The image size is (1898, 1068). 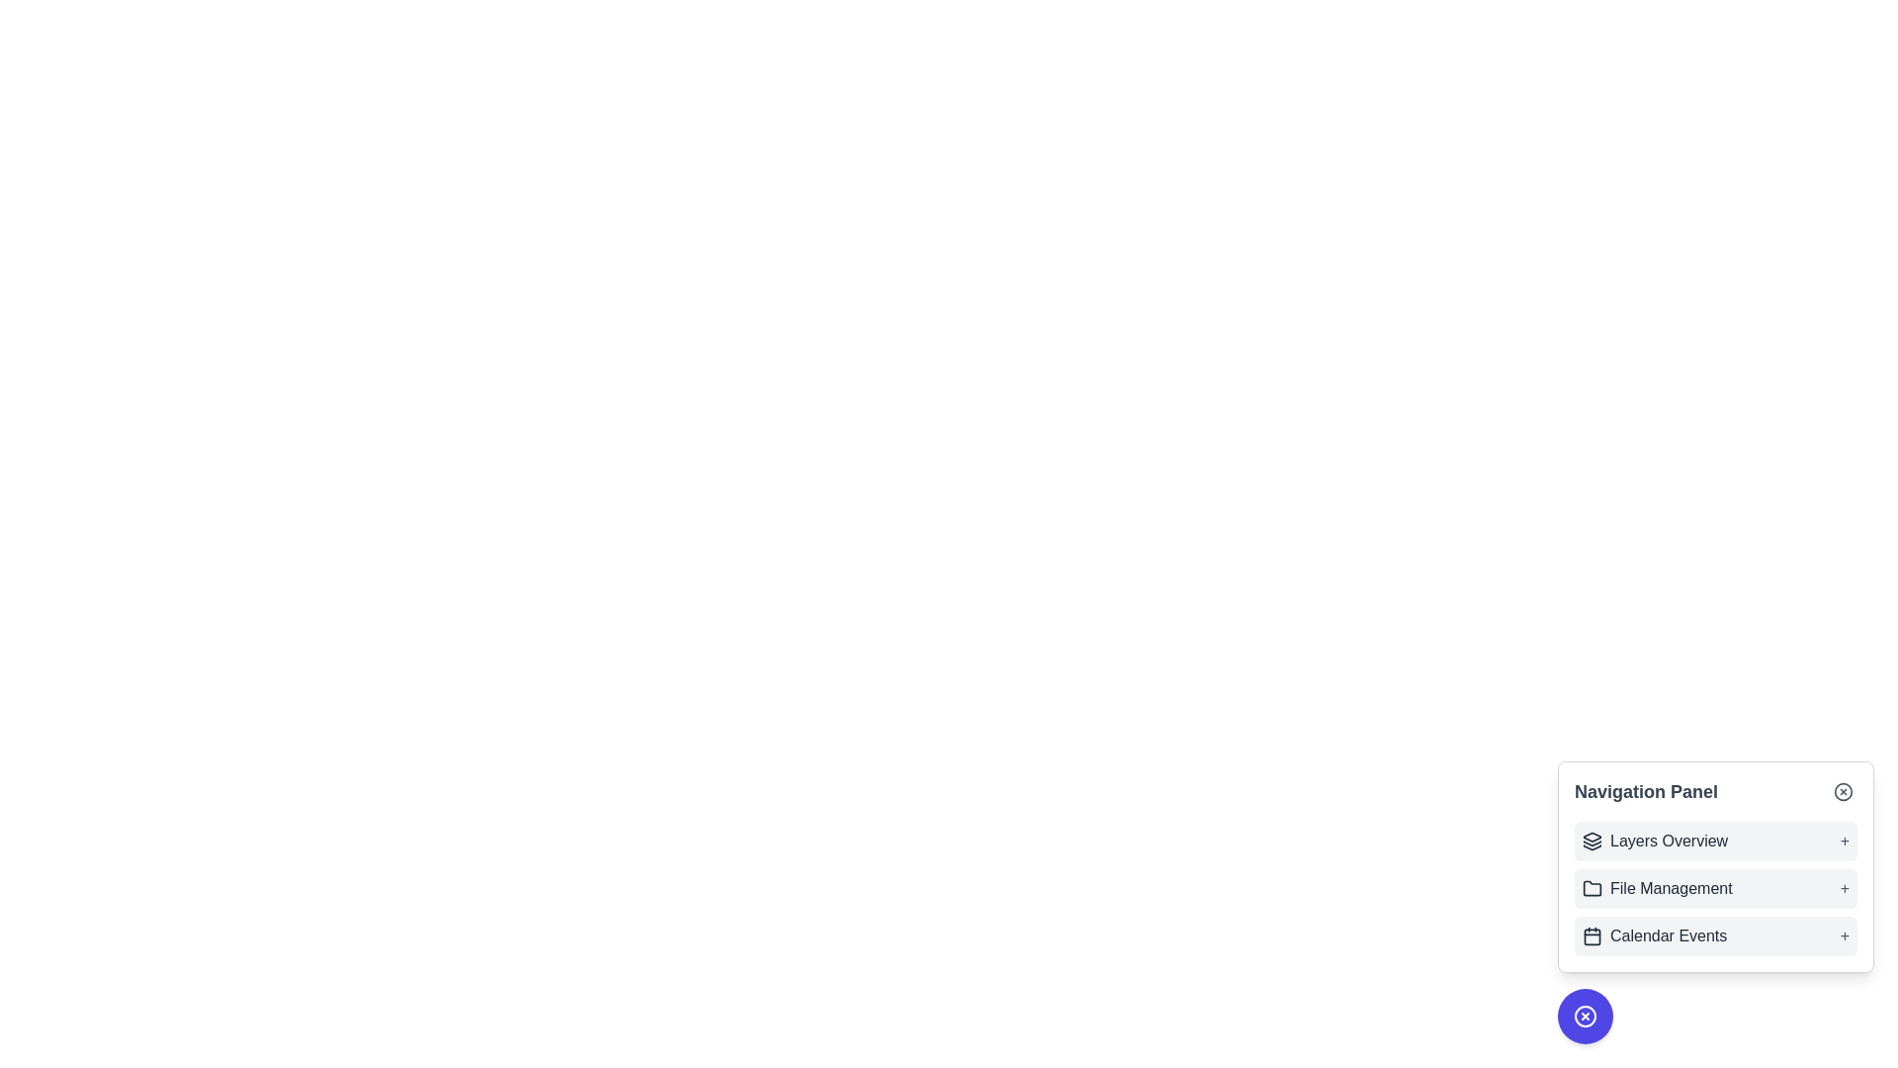 I want to click on the dismiss button located at the bottom-right corner beneath the 'Navigation Panel' to observe the tooltip or color change, so click(x=1585, y=1017).